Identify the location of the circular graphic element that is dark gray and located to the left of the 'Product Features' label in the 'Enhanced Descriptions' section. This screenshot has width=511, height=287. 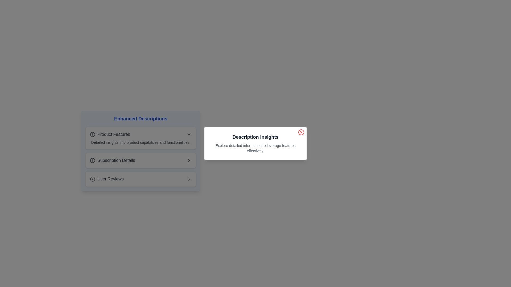
(92, 134).